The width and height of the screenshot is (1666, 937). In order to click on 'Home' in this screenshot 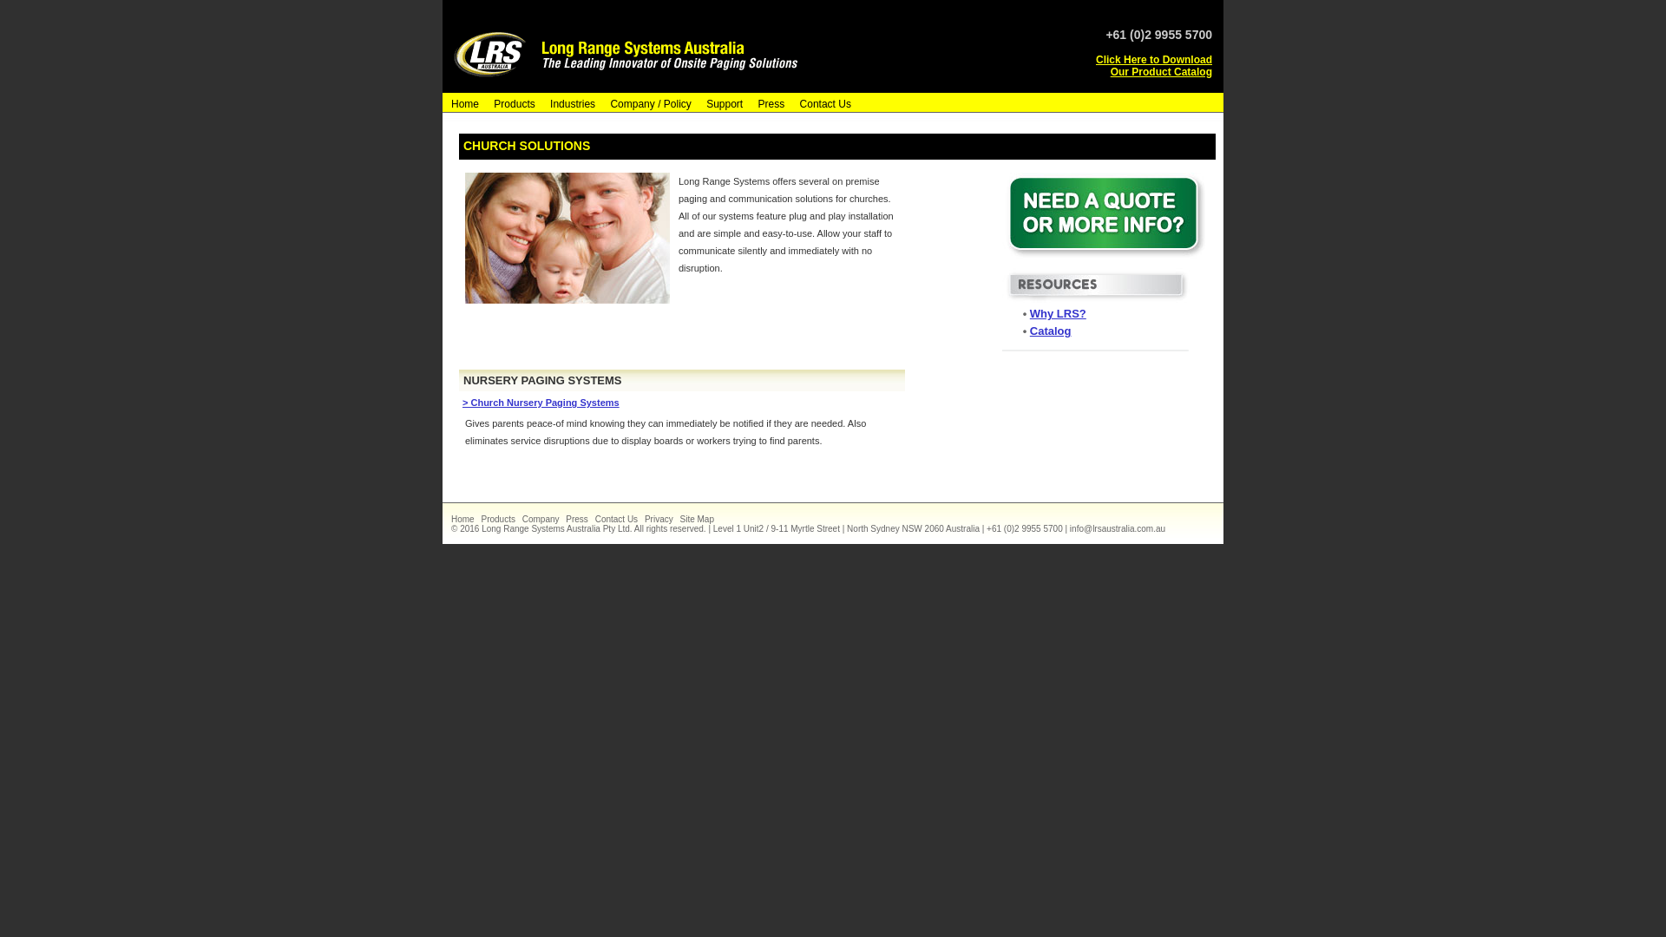, I will do `click(462, 103)`.